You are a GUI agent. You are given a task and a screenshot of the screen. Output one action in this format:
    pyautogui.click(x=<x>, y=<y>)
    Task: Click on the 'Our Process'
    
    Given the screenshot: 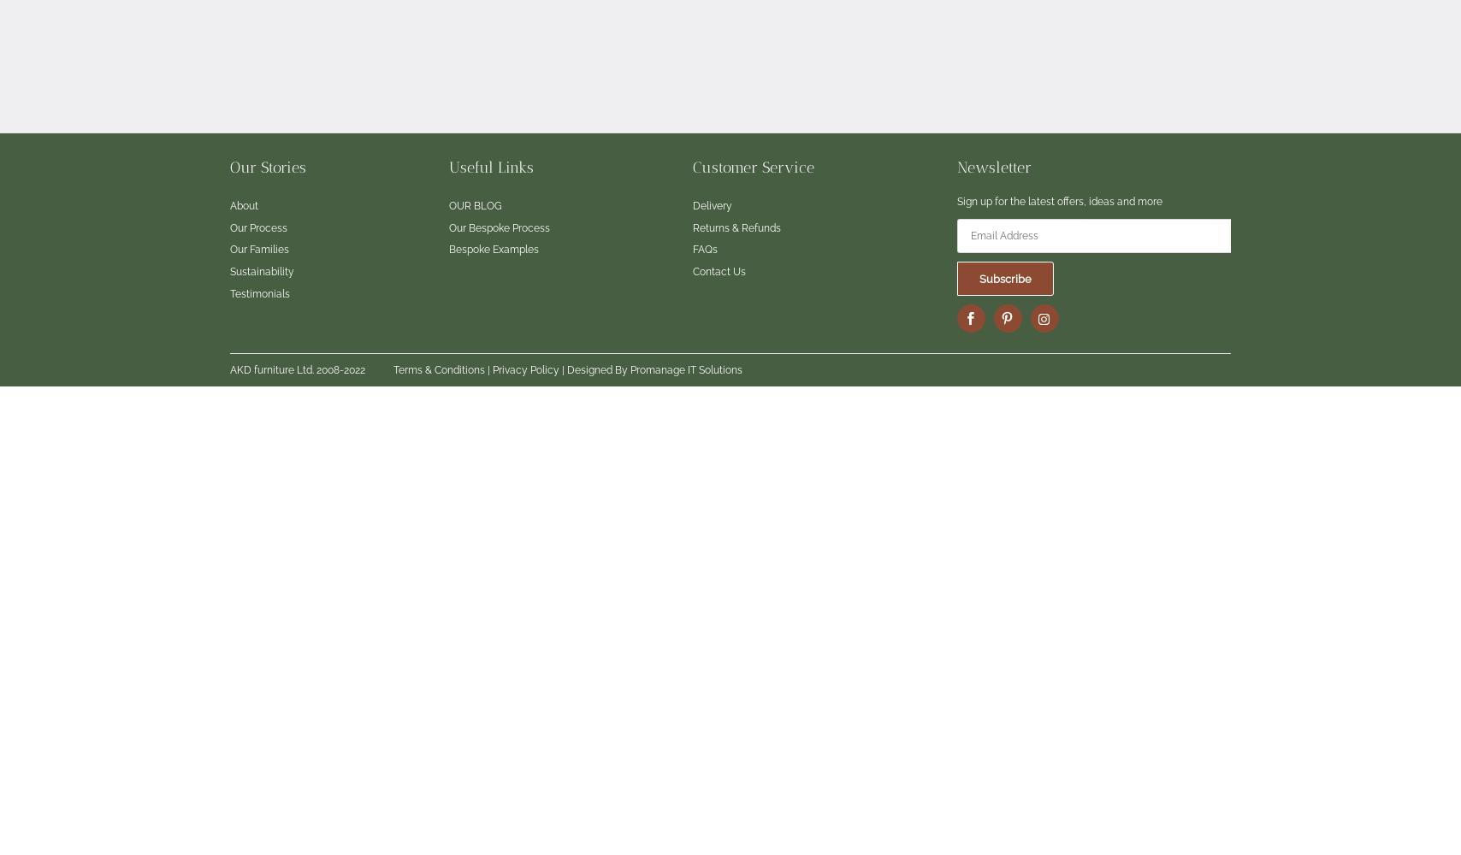 What is the action you would take?
    pyautogui.click(x=258, y=227)
    